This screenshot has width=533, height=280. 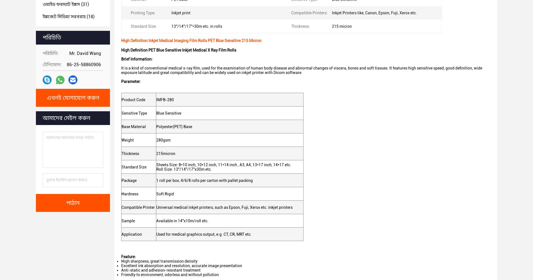 What do you see at coordinates (165, 194) in the screenshot?
I see `'Soft Rigid'` at bounding box center [165, 194].